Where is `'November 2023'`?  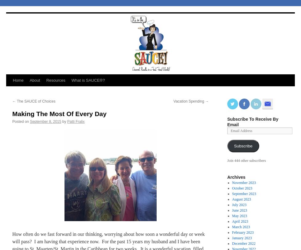 'November 2023' is located at coordinates (244, 182).